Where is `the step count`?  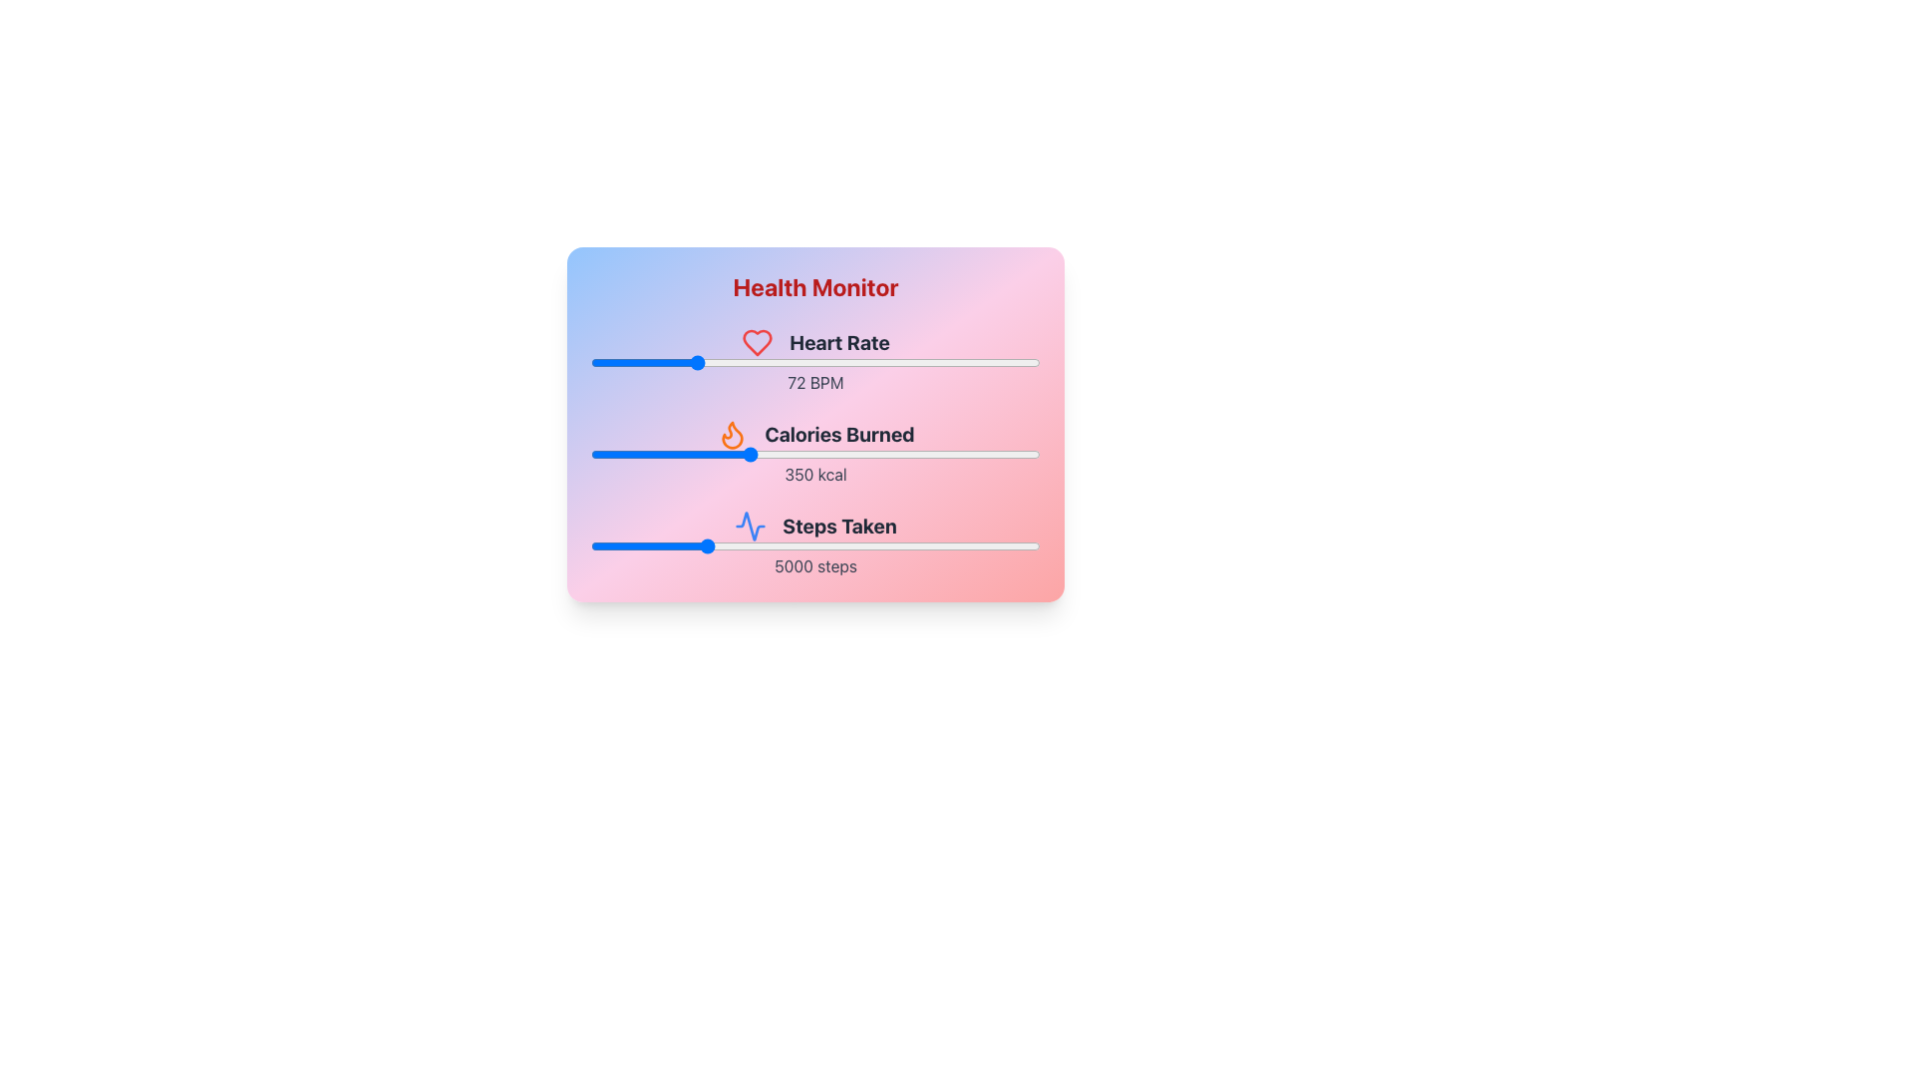
the step count is located at coordinates (1026, 545).